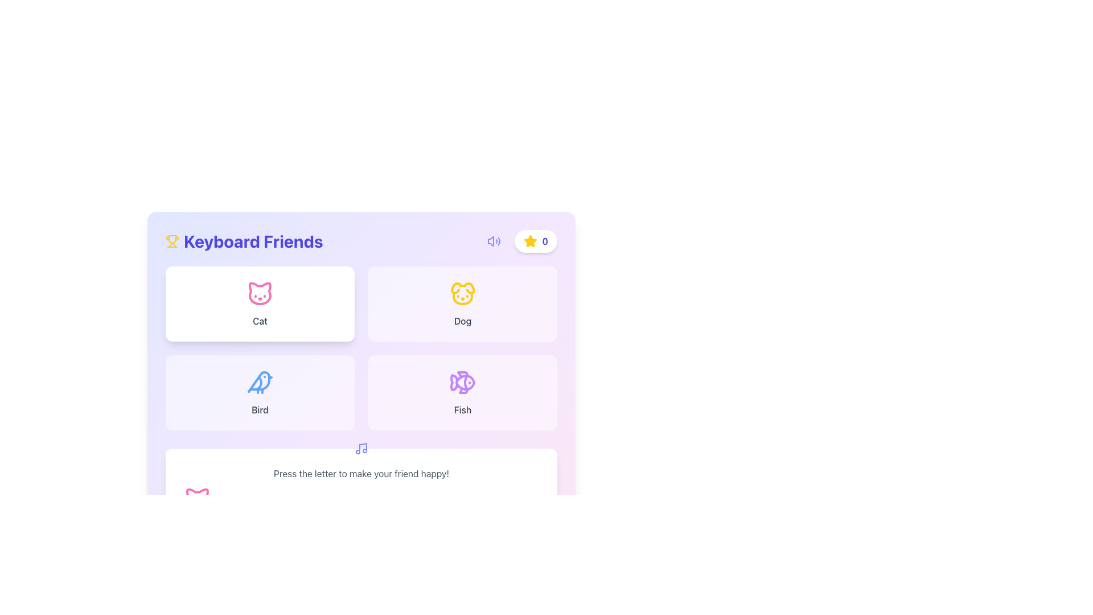  I want to click on the pink outline drawing of a cat face icon located at the top center of a card that contains the text 'cat', so click(259, 293).